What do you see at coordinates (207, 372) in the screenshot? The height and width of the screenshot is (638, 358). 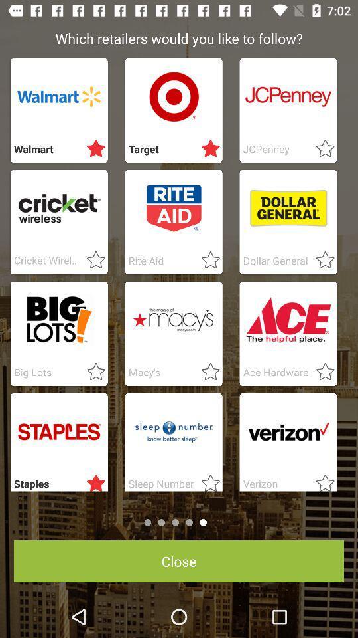 I see `fovread` at bounding box center [207, 372].